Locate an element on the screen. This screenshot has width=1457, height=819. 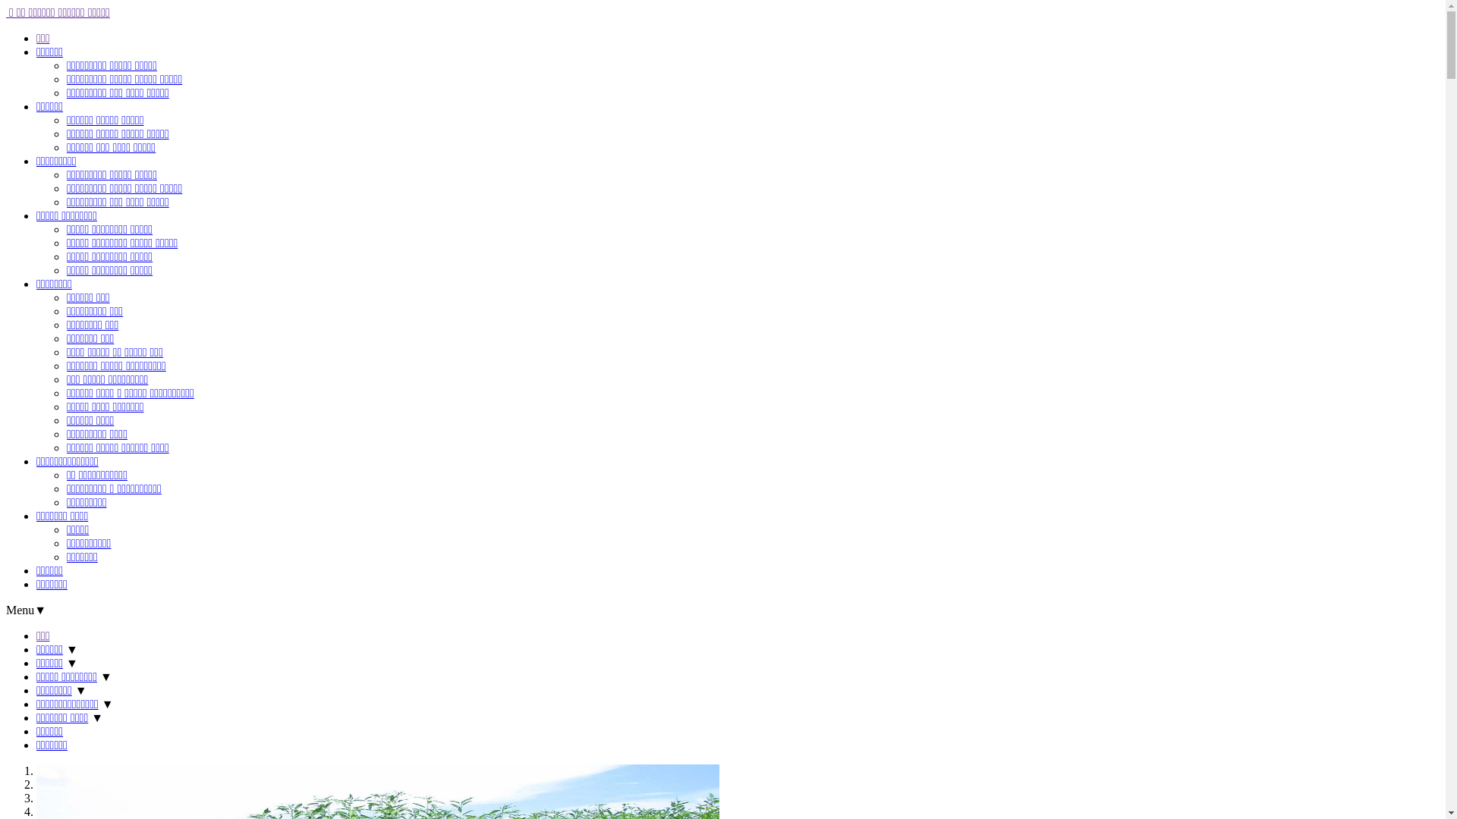
'2' is located at coordinates (39, 784).